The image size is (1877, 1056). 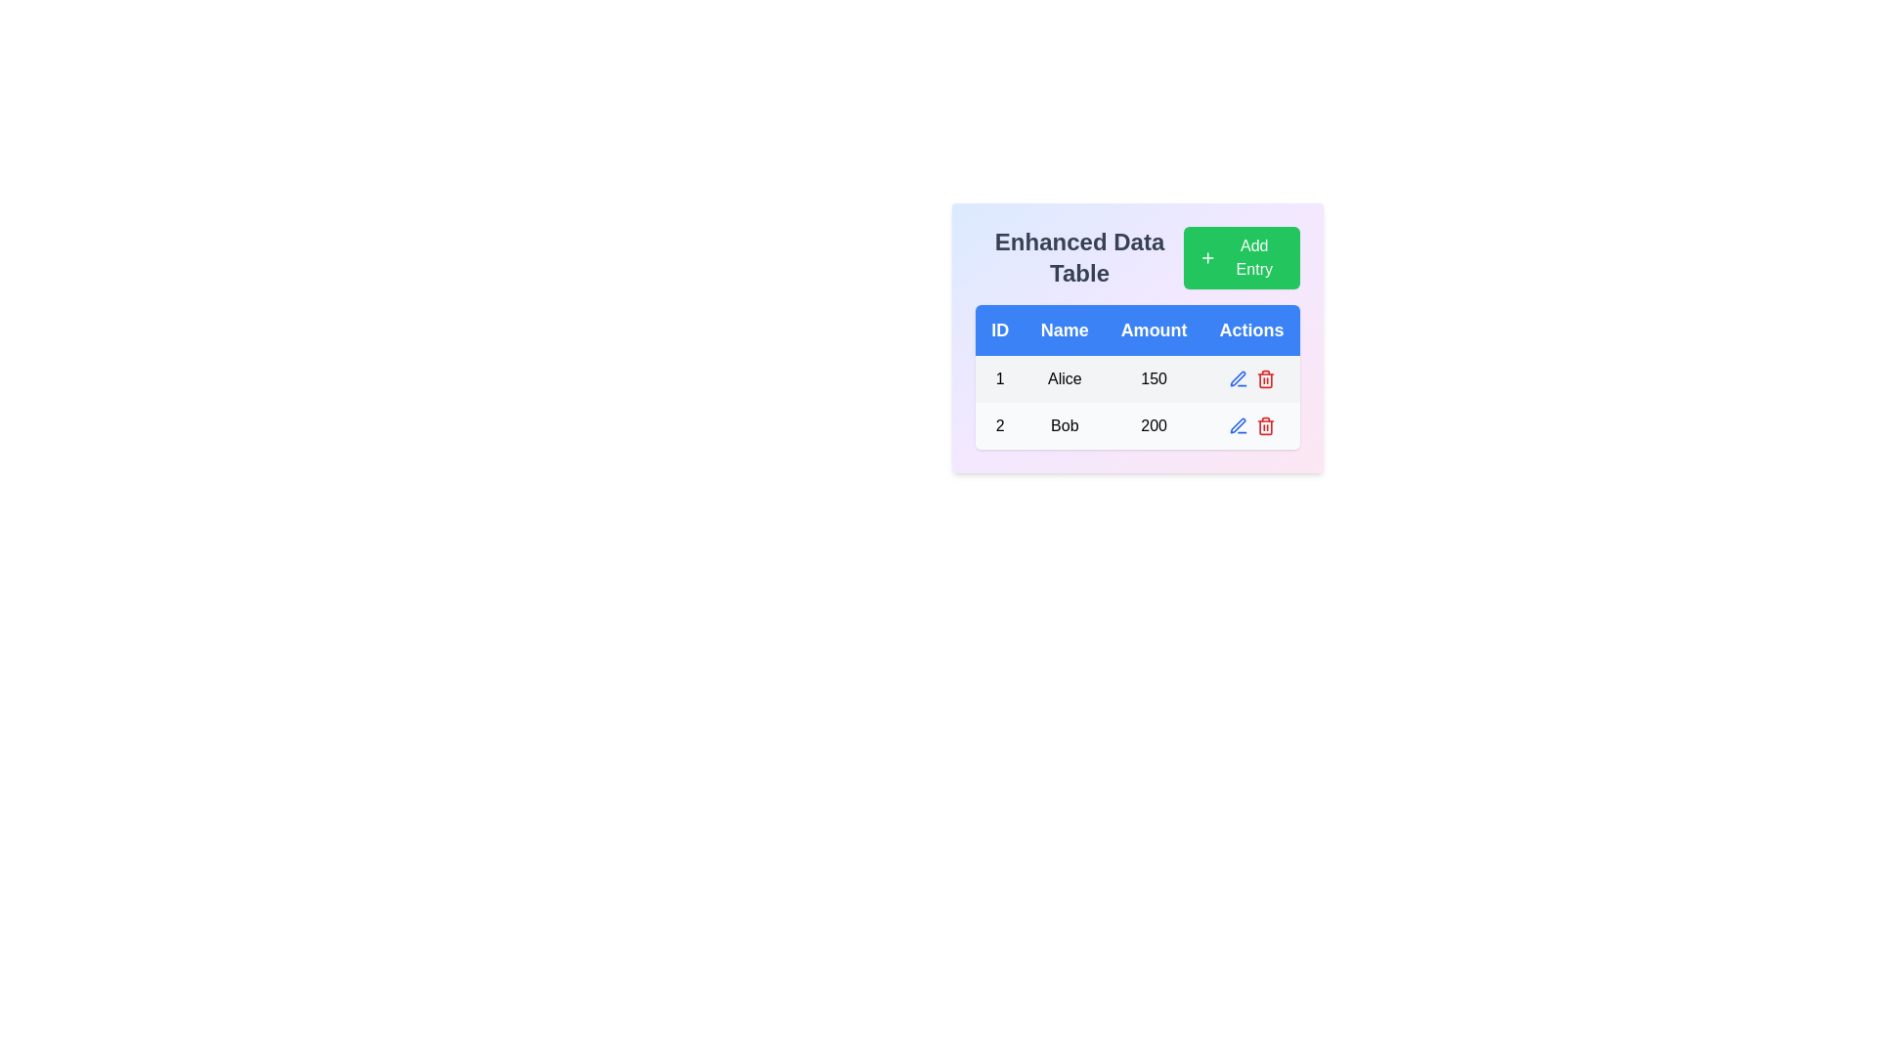 I want to click on the trash bin icon styled in red within the action column of the data table, so click(x=1265, y=379).